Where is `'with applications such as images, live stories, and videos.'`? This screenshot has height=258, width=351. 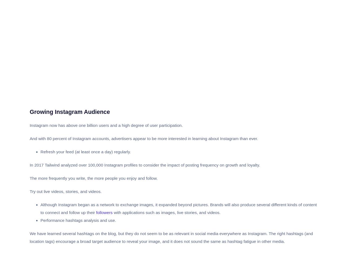
'with applications such as images, live stories, and videos.' is located at coordinates (166, 212).